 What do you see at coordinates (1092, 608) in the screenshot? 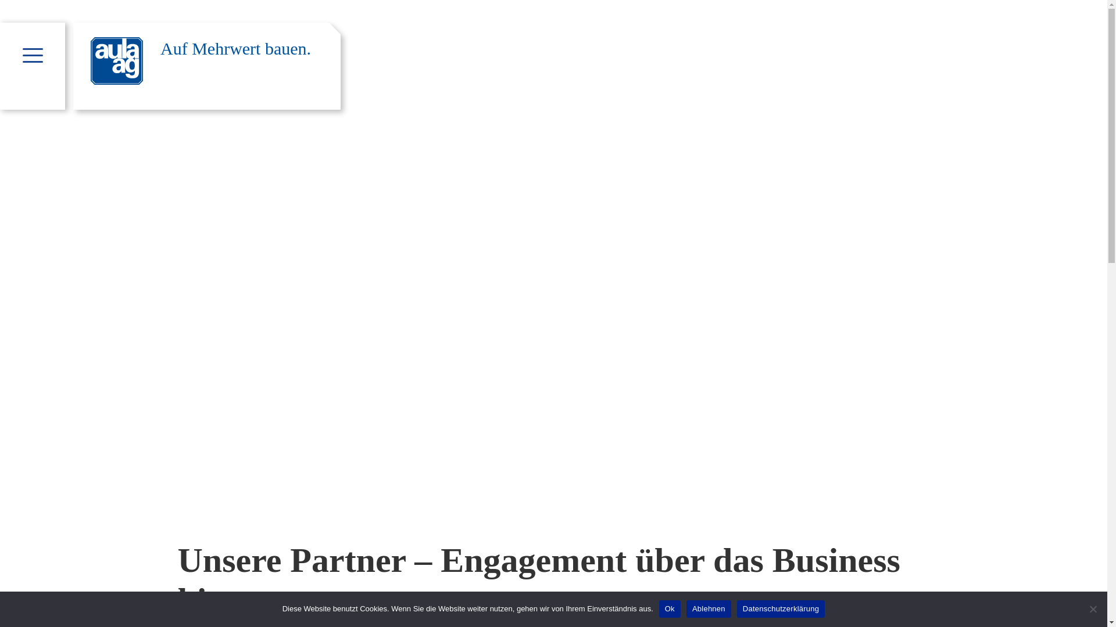
I see `'Ablehnen'` at bounding box center [1092, 608].